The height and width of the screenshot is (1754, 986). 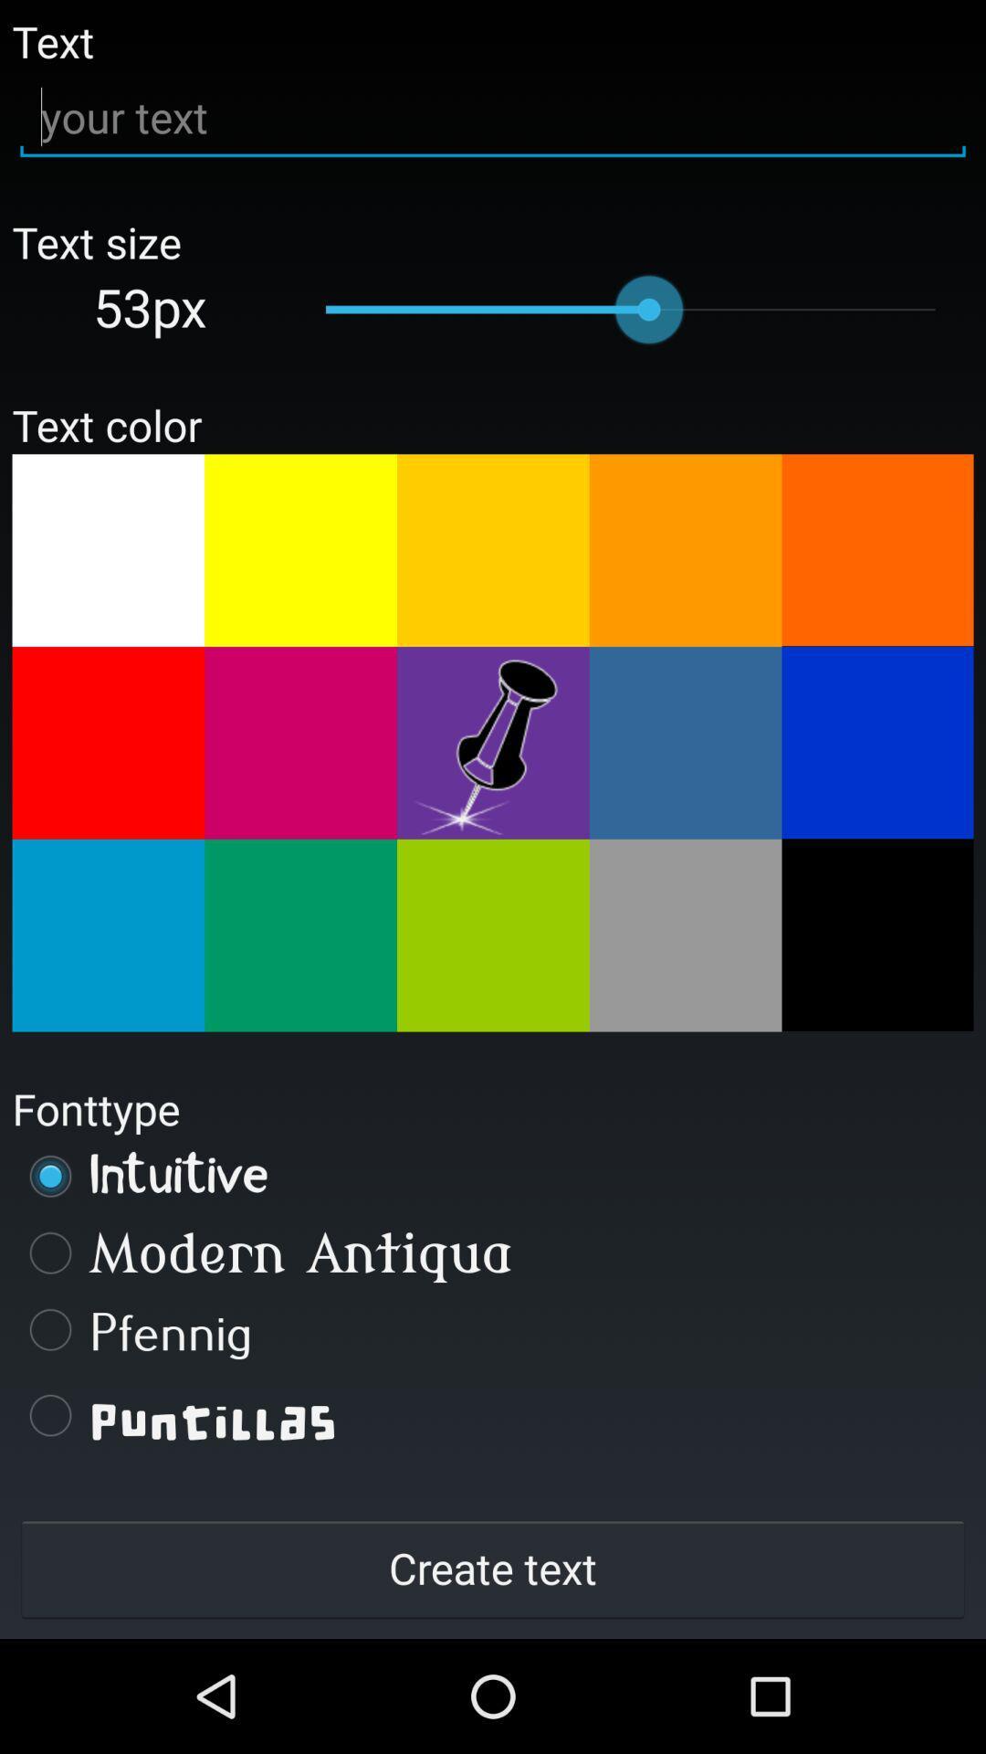 What do you see at coordinates (493, 1329) in the screenshot?
I see `the icon below modern antiqua item` at bounding box center [493, 1329].